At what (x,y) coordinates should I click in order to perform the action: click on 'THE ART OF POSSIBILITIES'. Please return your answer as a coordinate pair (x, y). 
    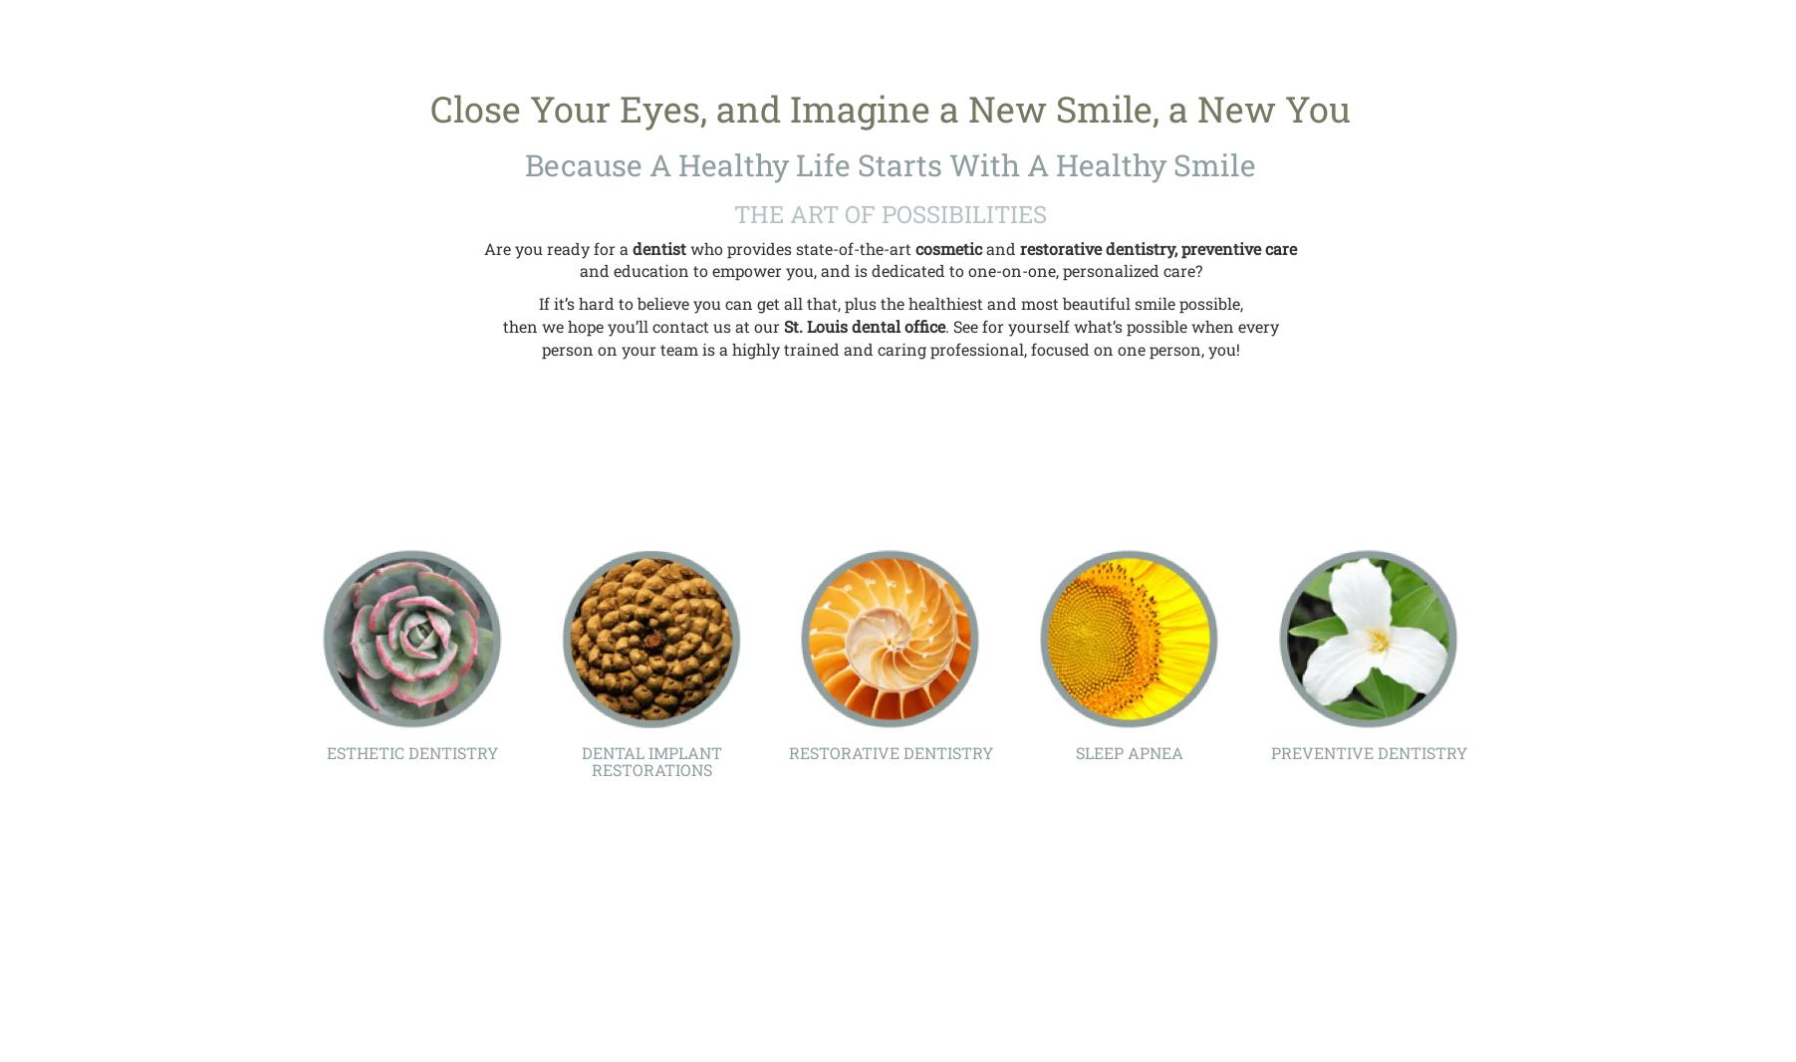
    Looking at the image, I should click on (733, 213).